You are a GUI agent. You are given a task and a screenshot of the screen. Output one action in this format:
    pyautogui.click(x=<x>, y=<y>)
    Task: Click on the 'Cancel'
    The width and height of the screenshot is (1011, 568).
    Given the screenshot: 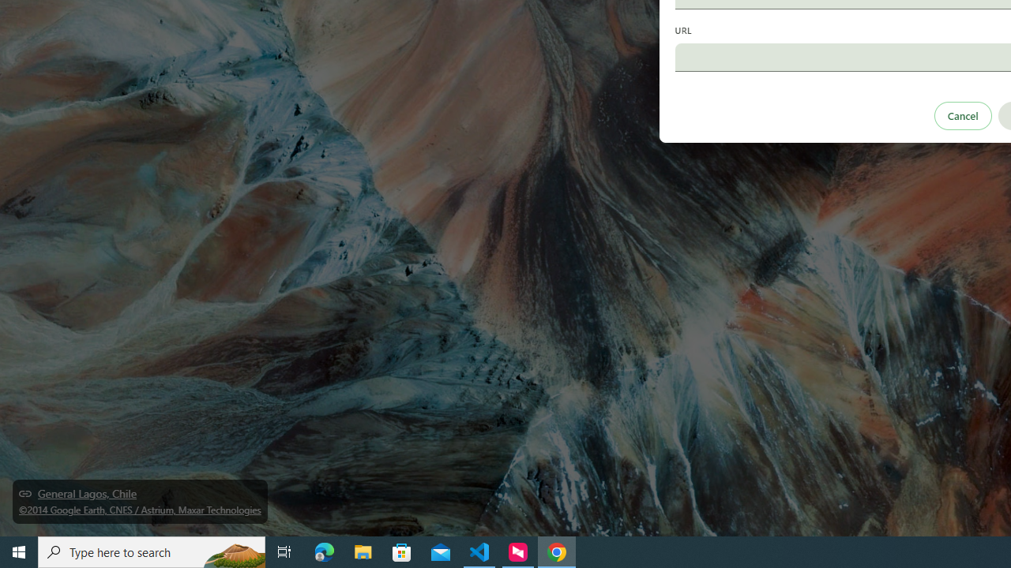 What is the action you would take?
    pyautogui.click(x=961, y=114)
    